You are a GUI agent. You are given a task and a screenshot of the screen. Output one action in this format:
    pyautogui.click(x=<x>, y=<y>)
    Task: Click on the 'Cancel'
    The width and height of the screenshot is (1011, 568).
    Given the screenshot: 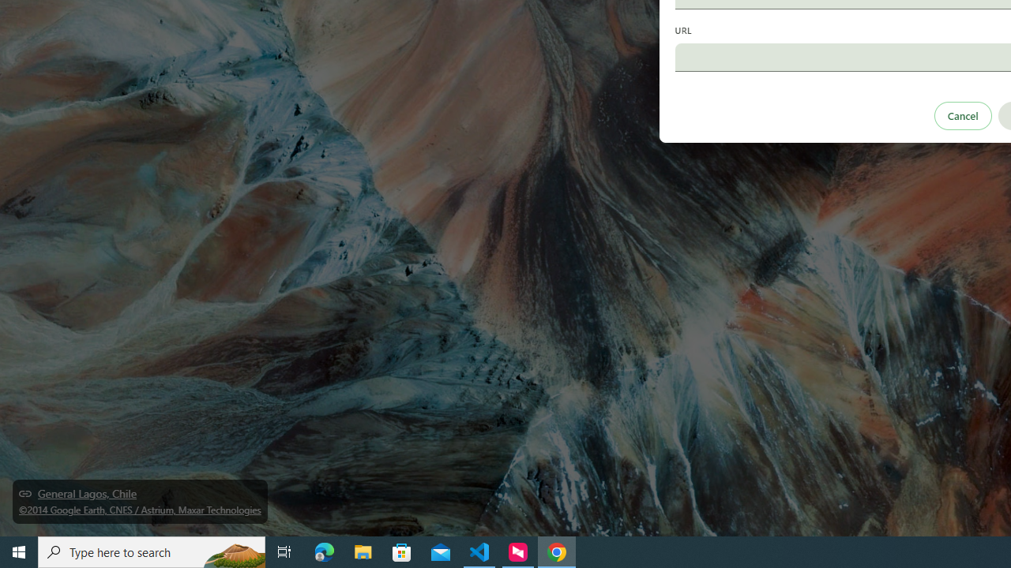 What is the action you would take?
    pyautogui.click(x=961, y=114)
    